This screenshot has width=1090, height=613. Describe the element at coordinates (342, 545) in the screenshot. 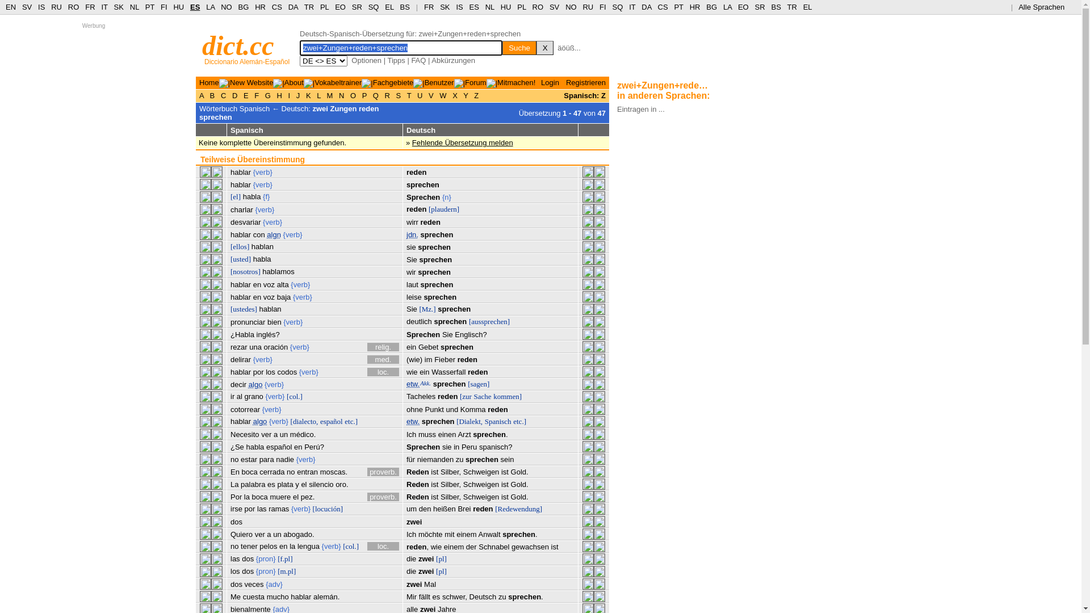

I see `'[col.]'` at that location.